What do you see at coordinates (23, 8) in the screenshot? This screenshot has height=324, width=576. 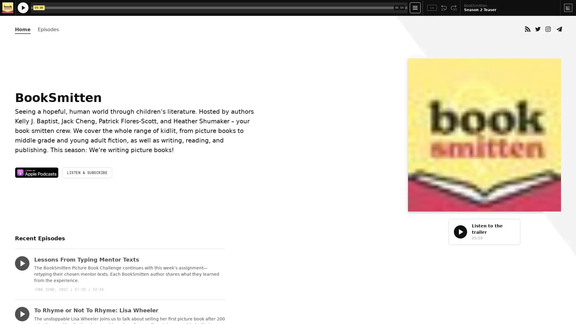 I see `Play` at bounding box center [23, 8].